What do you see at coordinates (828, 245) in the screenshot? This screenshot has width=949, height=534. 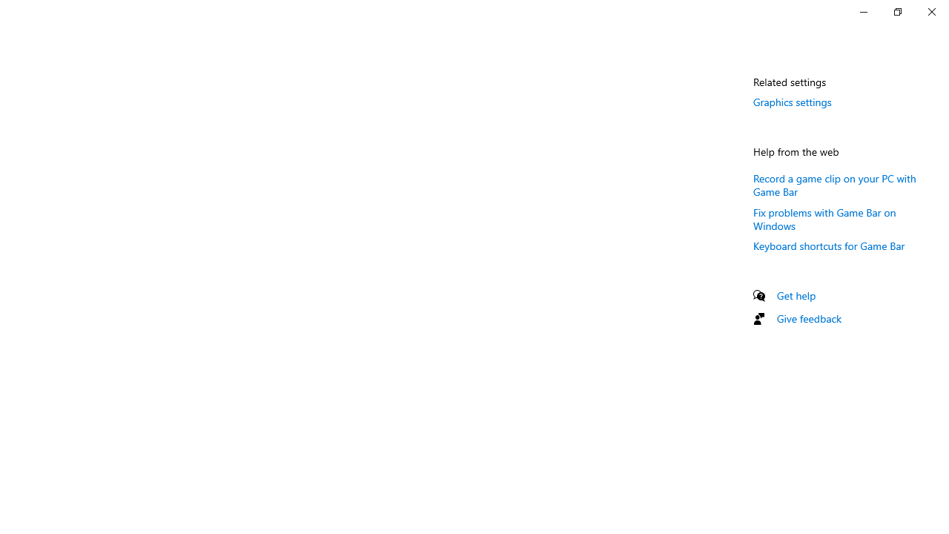 I see `'Keyboard shortcuts for Game Bar'` at bounding box center [828, 245].